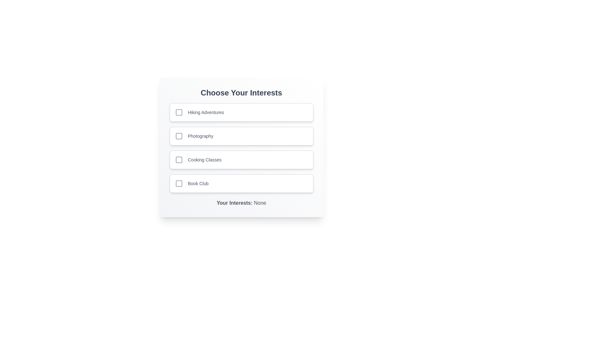  What do you see at coordinates (179, 184) in the screenshot?
I see `the Checkbox-like indicator` at bounding box center [179, 184].